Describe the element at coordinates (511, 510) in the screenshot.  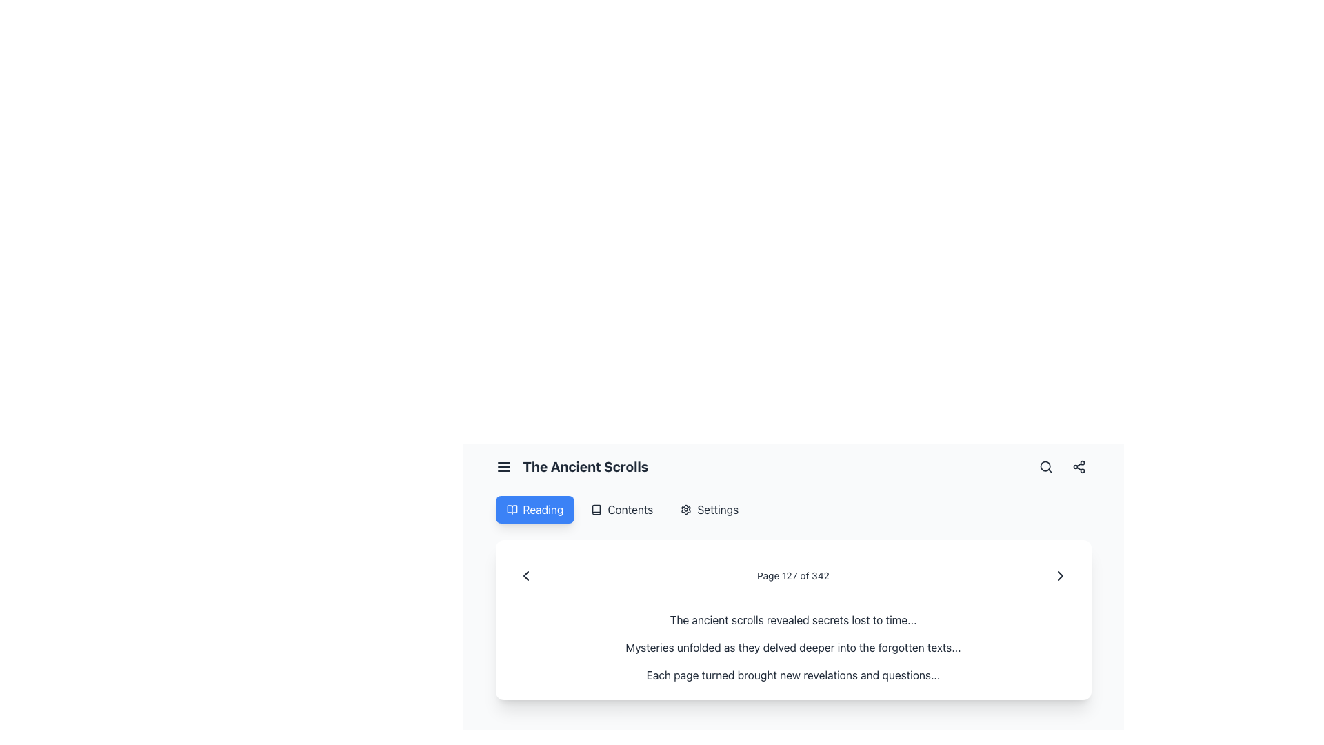
I see `the 'Reading' button, which is visually indicated by an icon, to navigate to a reading-related view` at that location.